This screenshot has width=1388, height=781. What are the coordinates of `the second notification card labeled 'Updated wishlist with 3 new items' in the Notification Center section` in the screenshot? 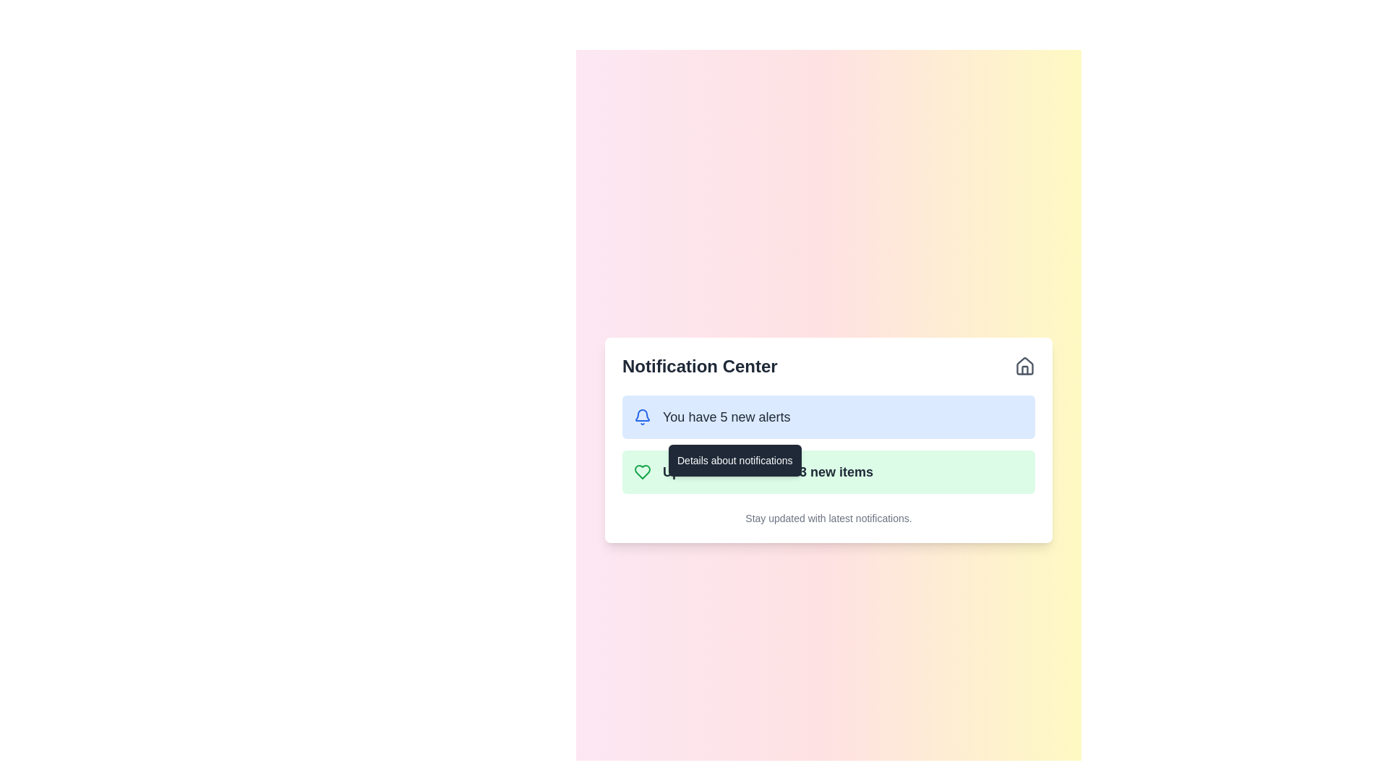 It's located at (828, 443).